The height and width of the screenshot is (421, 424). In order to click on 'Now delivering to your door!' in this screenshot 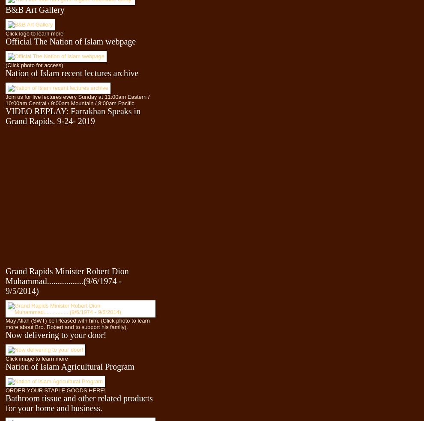, I will do `click(55, 334)`.